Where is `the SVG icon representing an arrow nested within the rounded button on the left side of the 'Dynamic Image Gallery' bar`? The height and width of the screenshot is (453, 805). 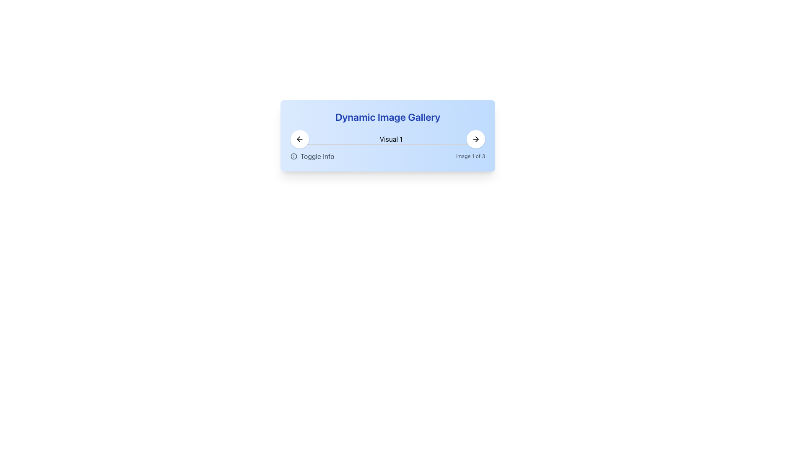 the SVG icon representing an arrow nested within the rounded button on the left side of the 'Dynamic Image Gallery' bar is located at coordinates (300, 138).